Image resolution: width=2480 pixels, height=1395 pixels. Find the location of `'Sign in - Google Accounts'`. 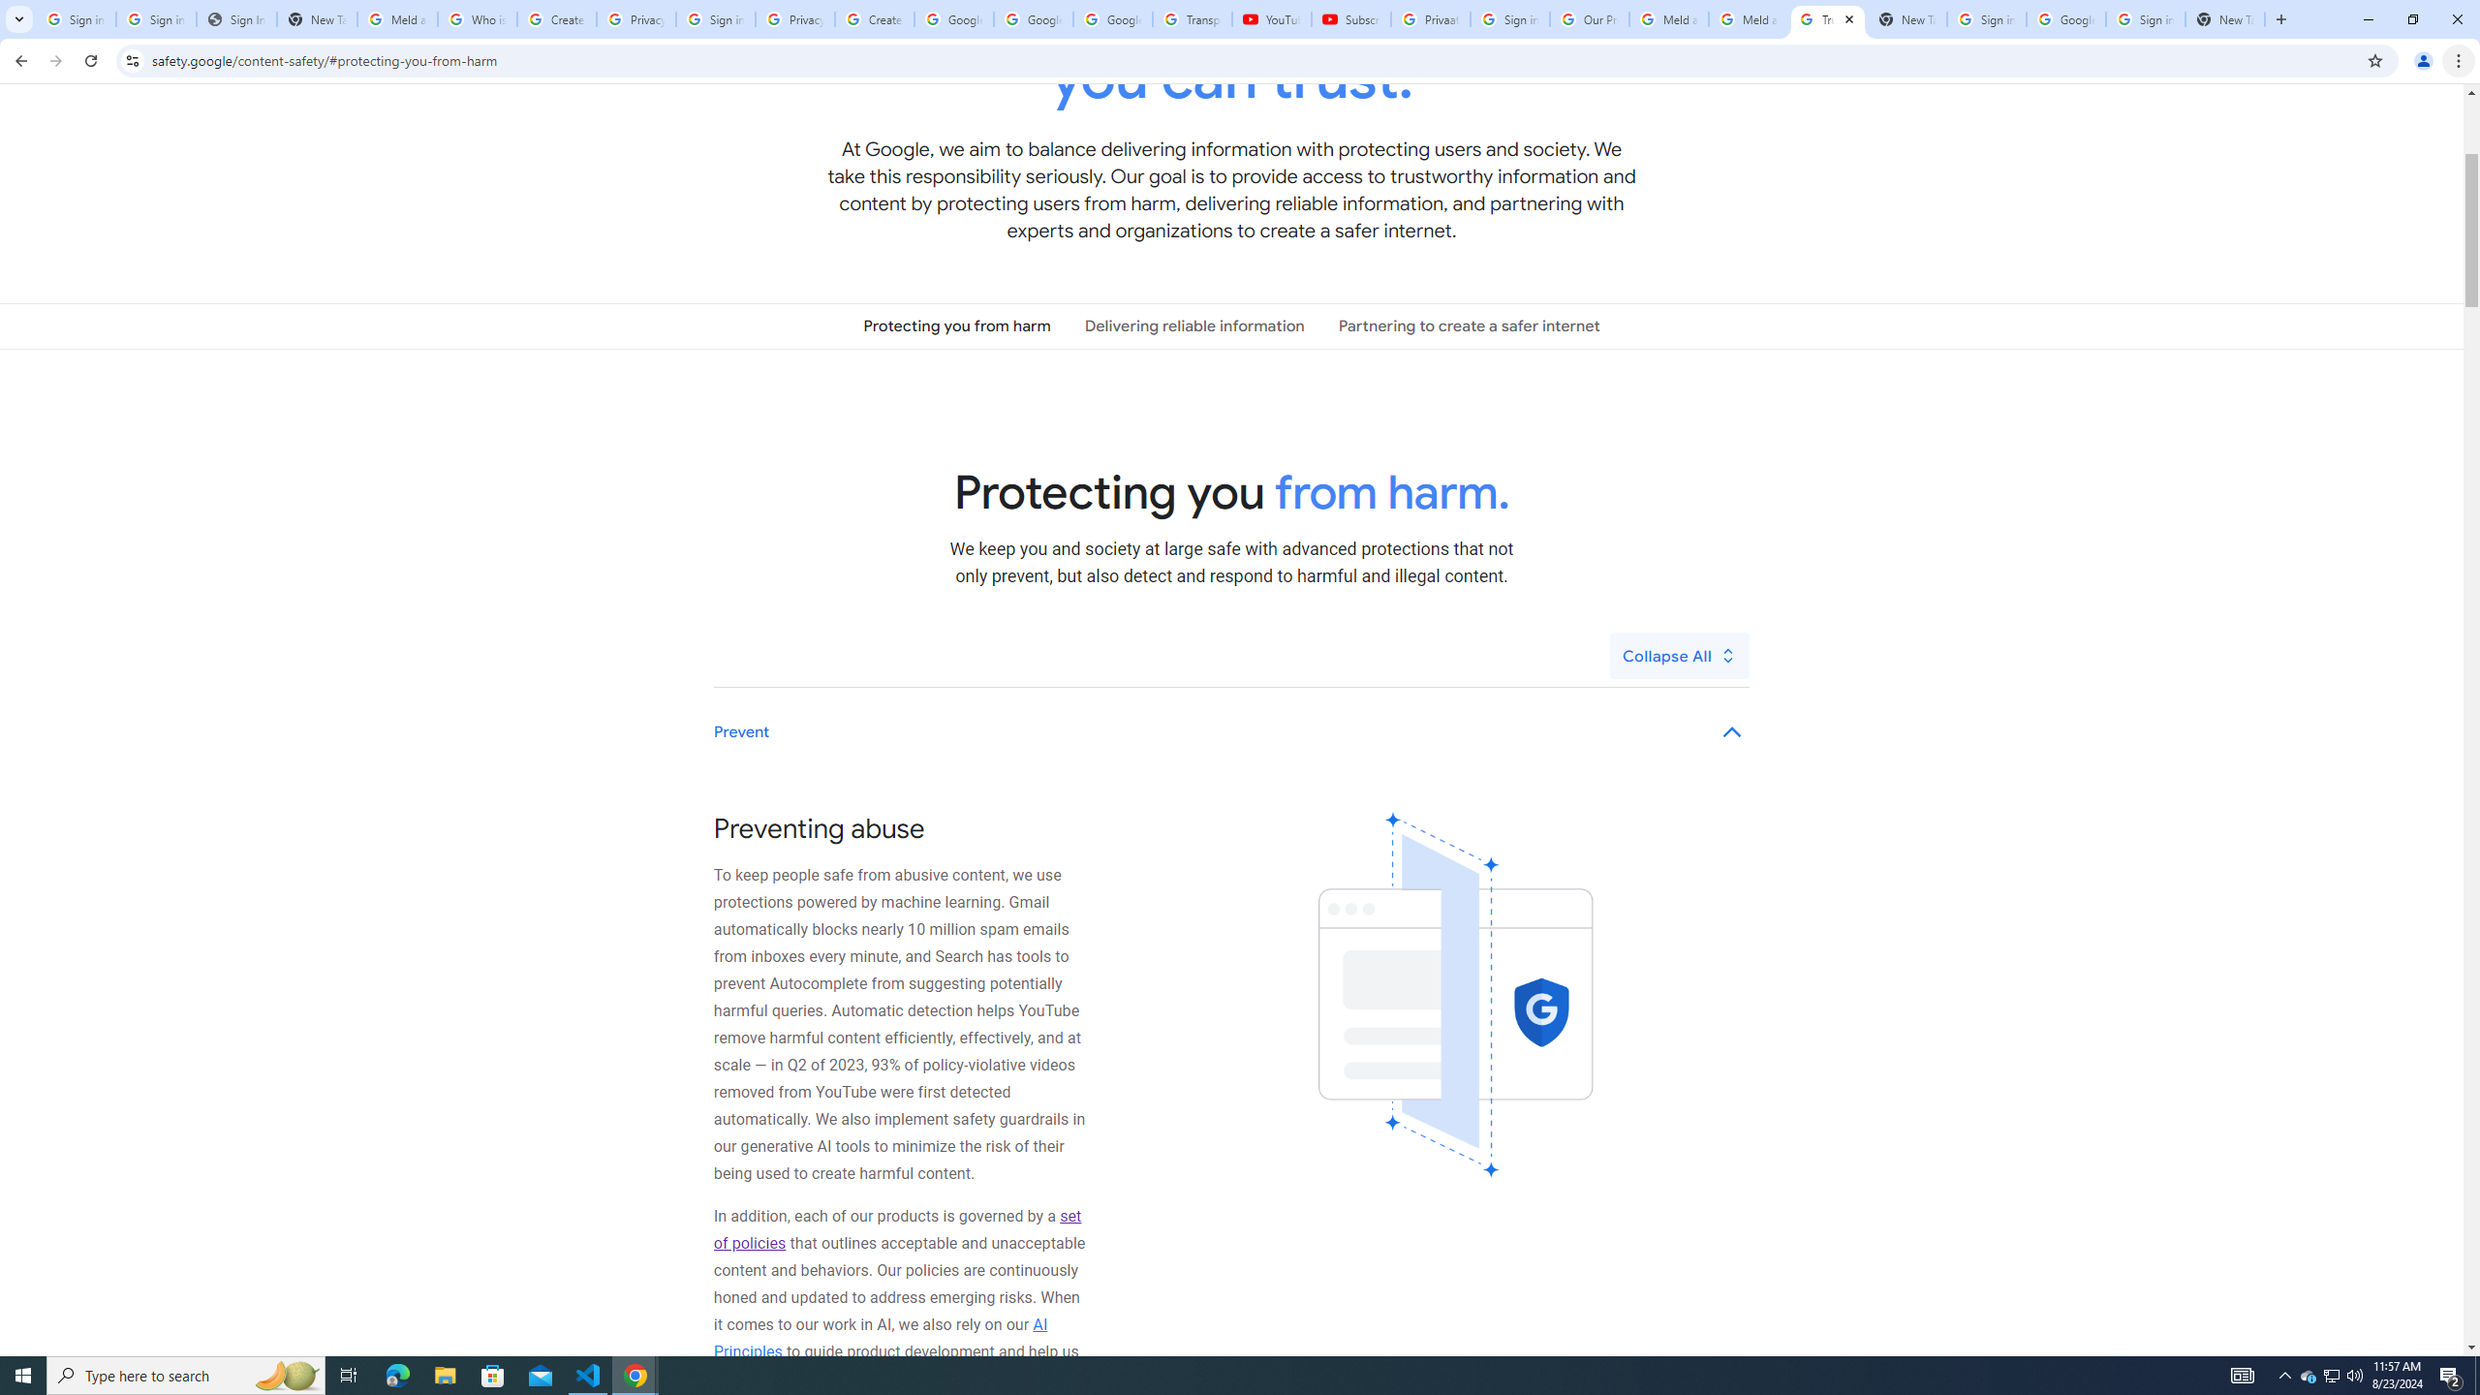

'Sign in - Google Accounts' is located at coordinates (155, 18).